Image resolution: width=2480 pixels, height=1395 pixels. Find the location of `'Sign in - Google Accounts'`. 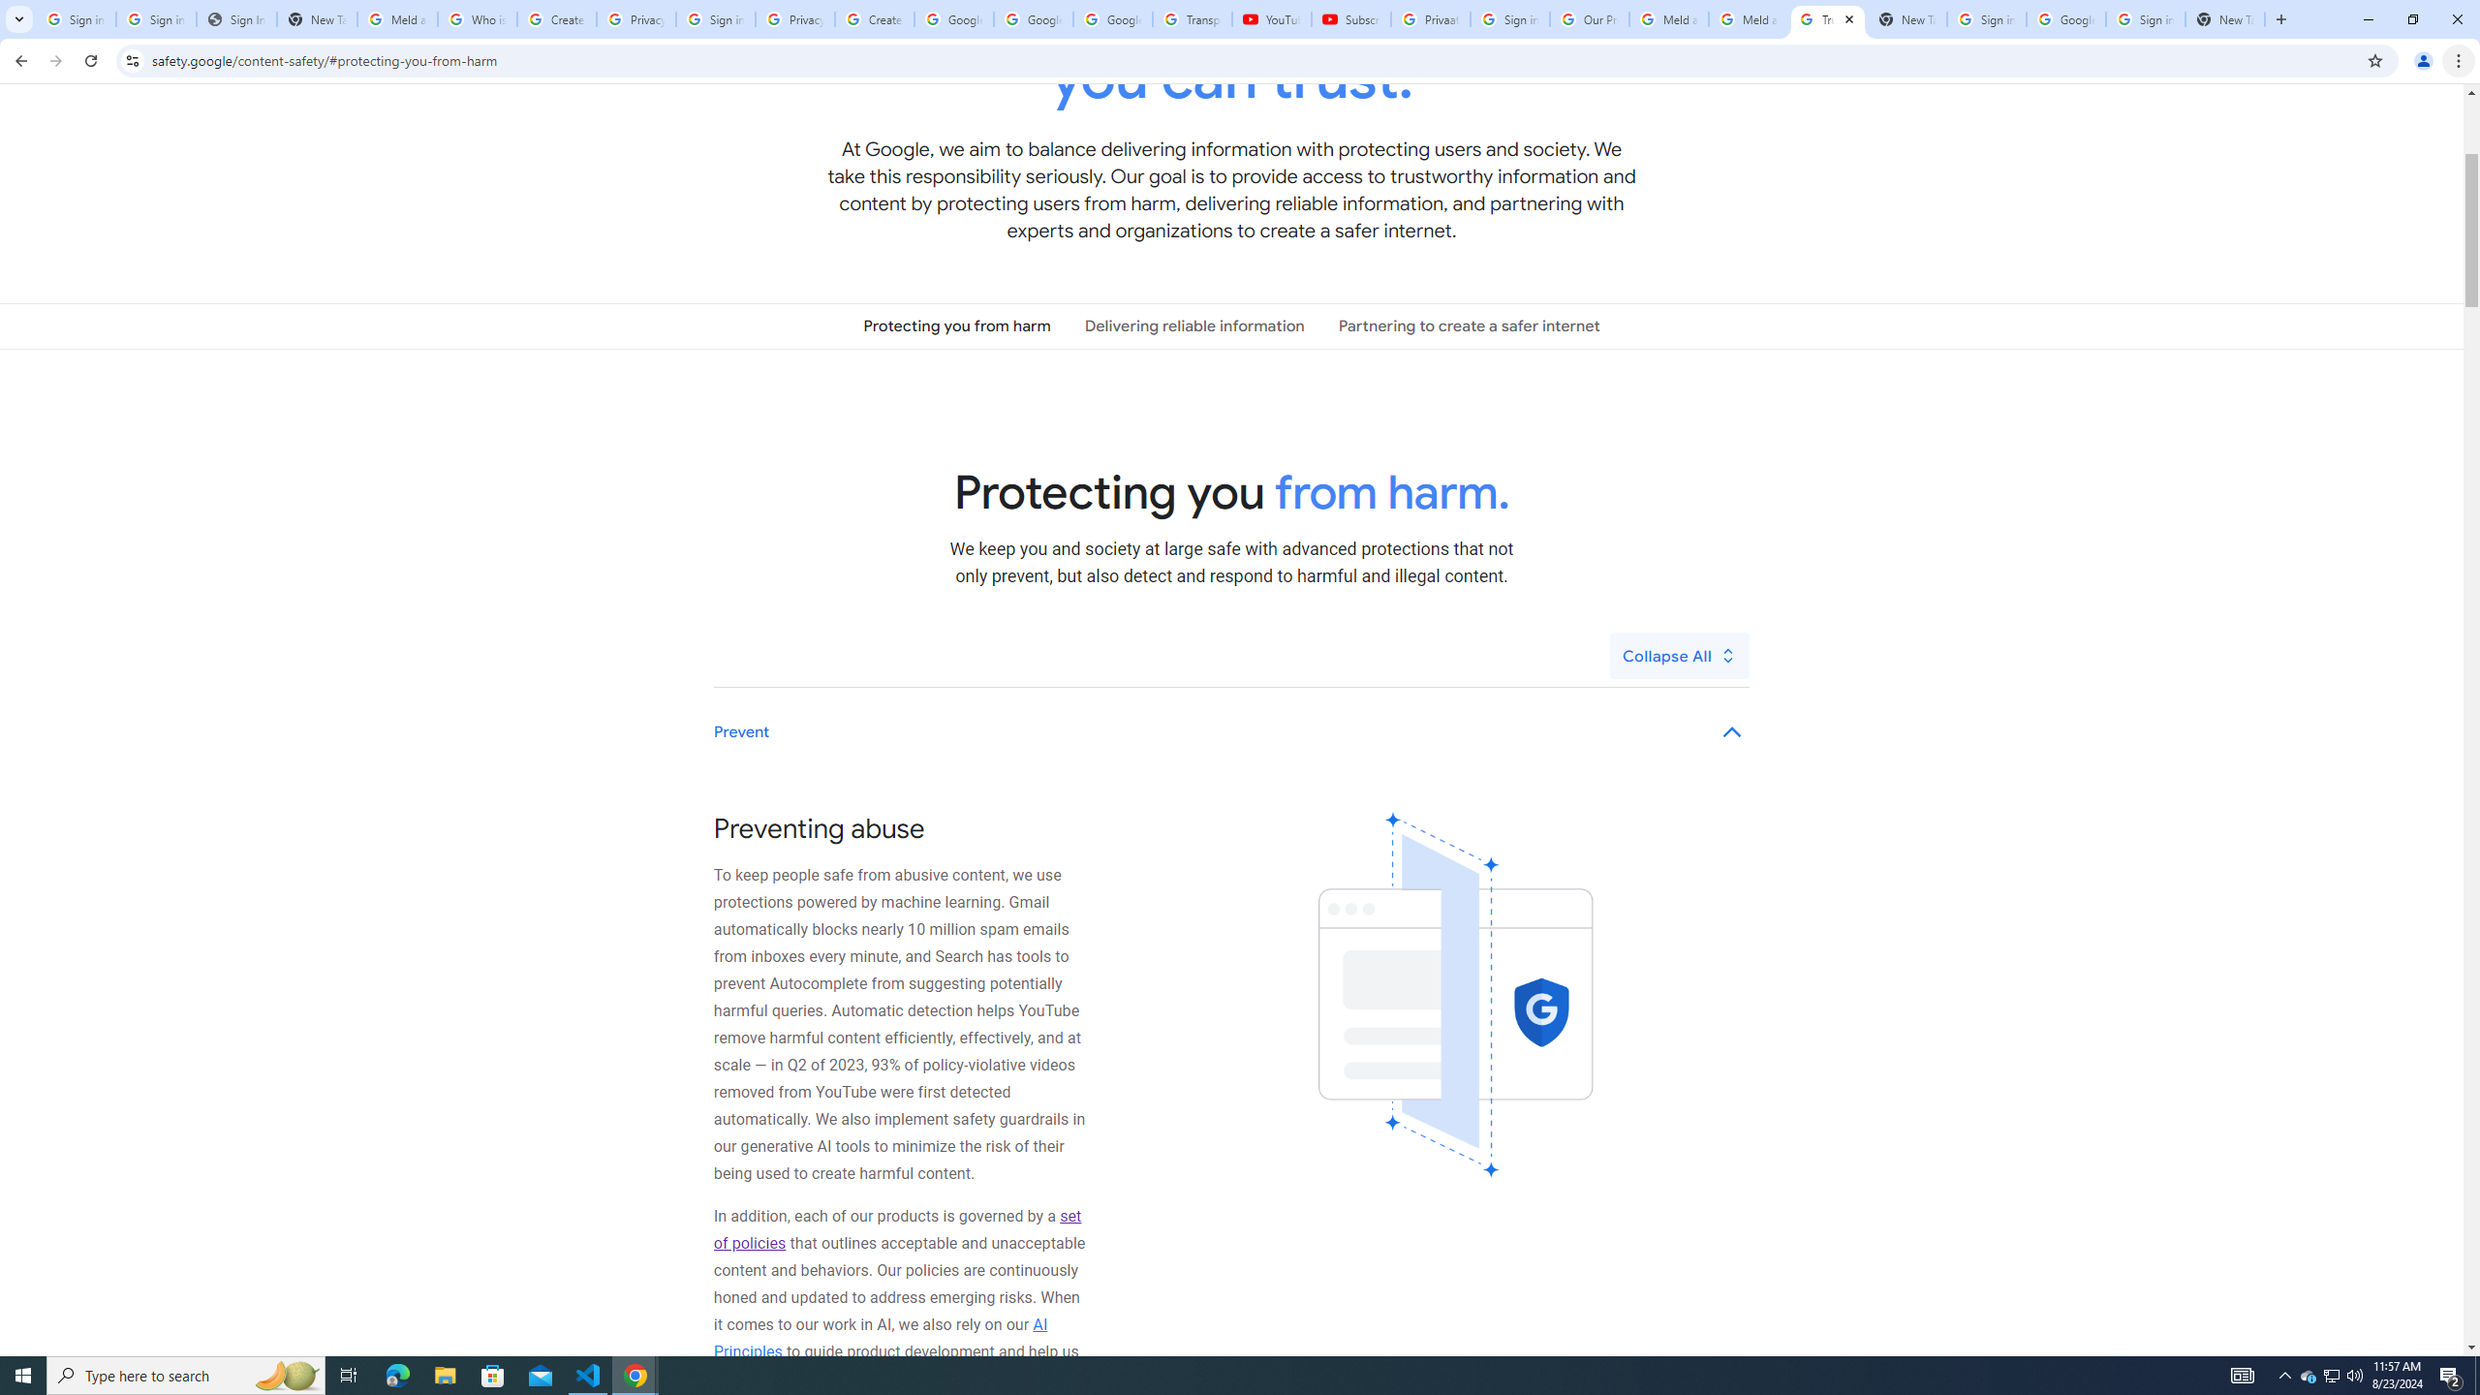

'Sign in - Google Accounts' is located at coordinates (155, 18).